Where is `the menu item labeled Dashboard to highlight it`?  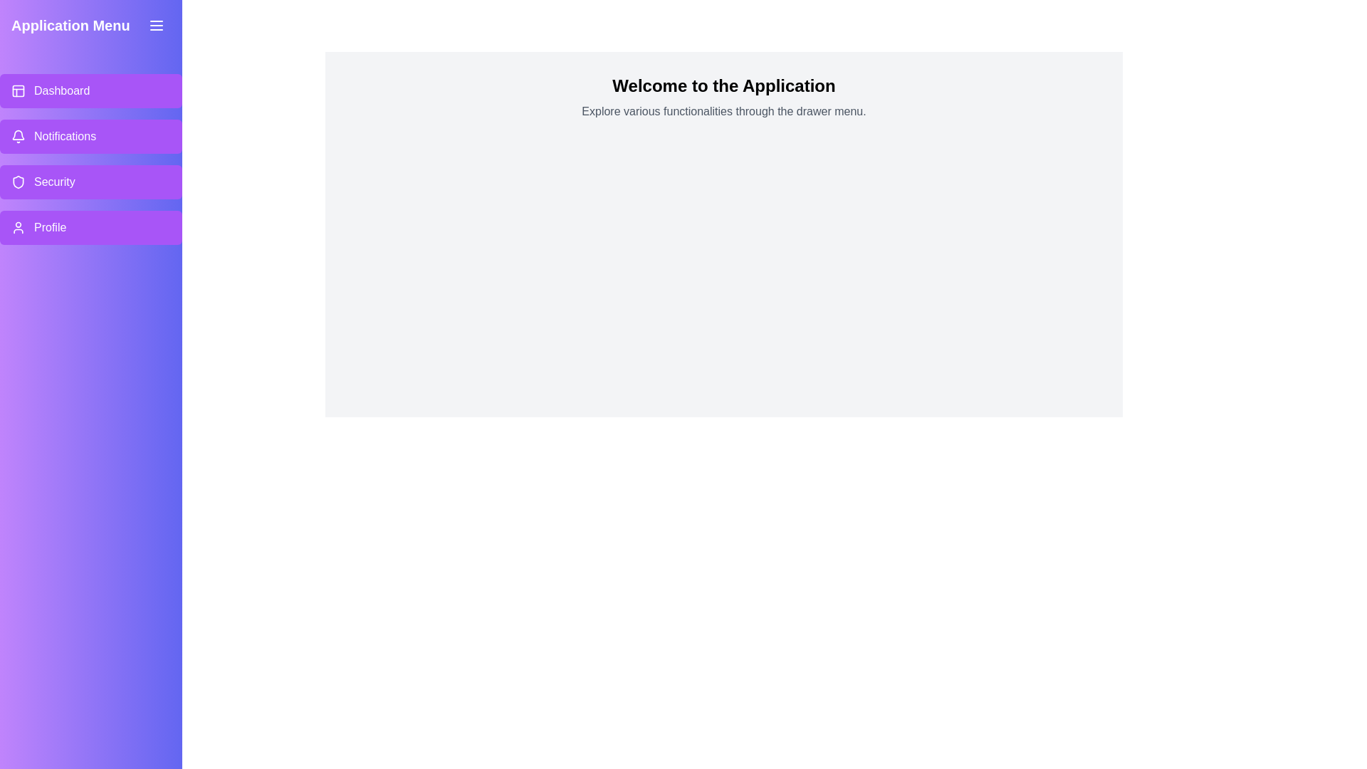 the menu item labeled Dashboard to highlight it is located at coordinates (90, 90).